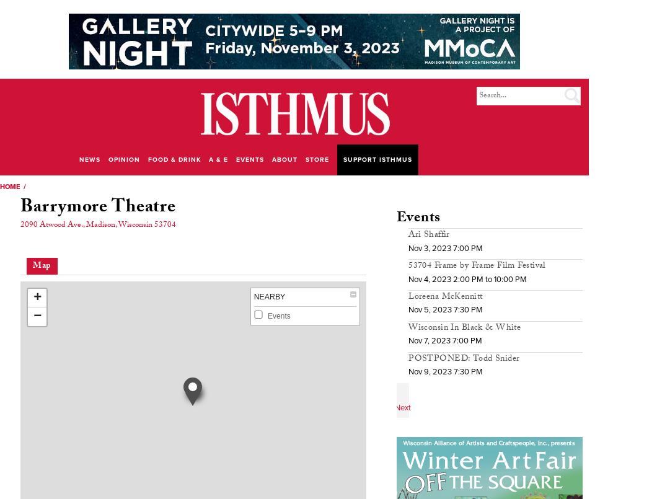 Image resolution: width=657 pixels, height=499 pixels. Describe the element at coordinates (444, 309) in the screenshot. I see `'Nov 5, 2023 7:30 PM'` at that location.